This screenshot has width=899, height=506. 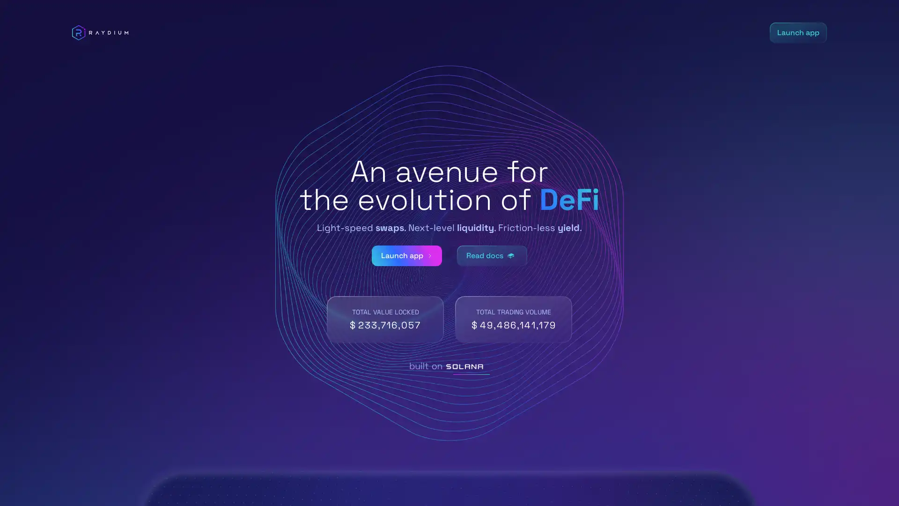 I want to click on Read docs gitbook, so click(x=492, y=256).